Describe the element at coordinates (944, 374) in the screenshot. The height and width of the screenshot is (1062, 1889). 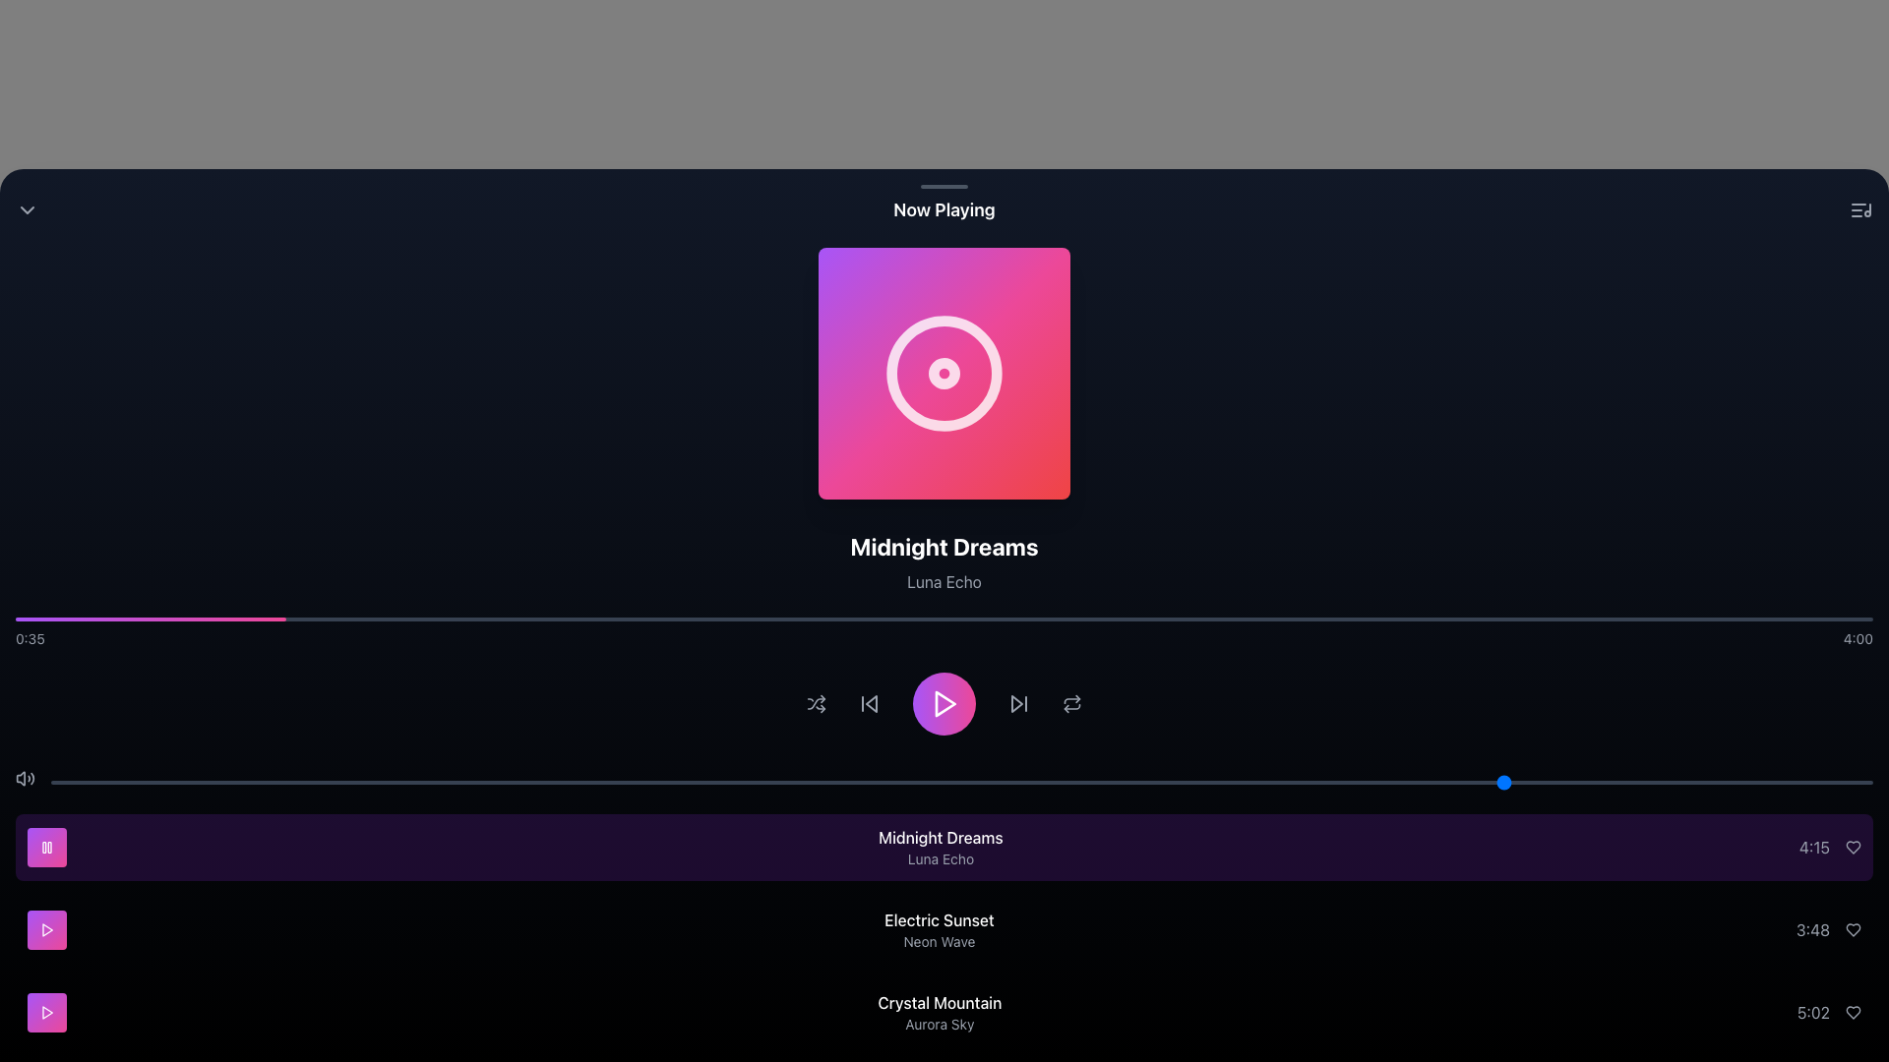
I see `the decorative vector graphic circle representing a music track or album, which is centrally positioned within the album art square at the top middle of the display` at that location.